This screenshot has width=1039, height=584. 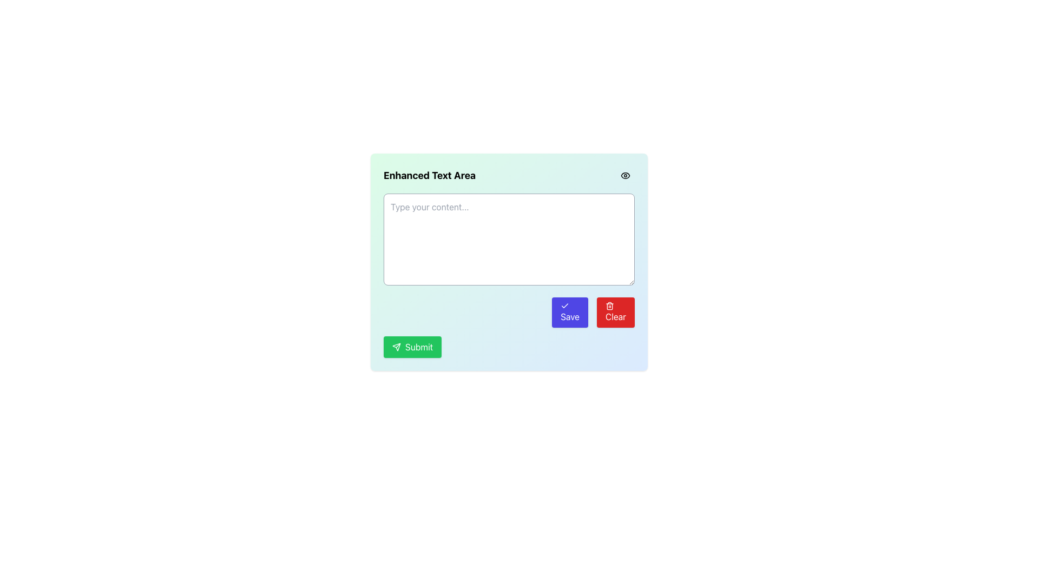 I want to click on the 'Clear' button, which is a red rectangular button with a trash icon above the text, located at the bottom right of the content card, so click(x=615, y=313).